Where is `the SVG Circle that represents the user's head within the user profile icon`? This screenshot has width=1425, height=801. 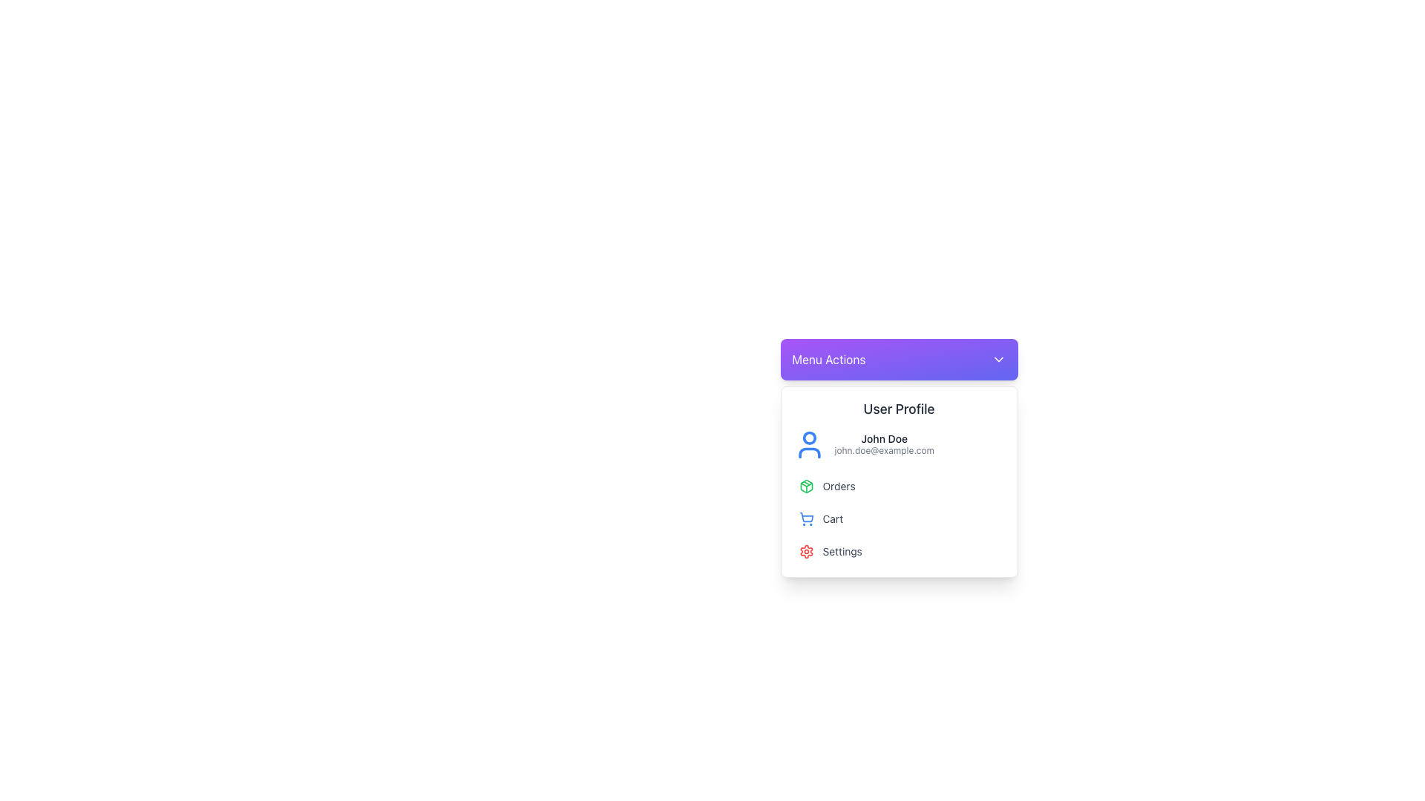 the SVG Circle that represents the user's head within the user profile icon is located at coordinates (808, 437).